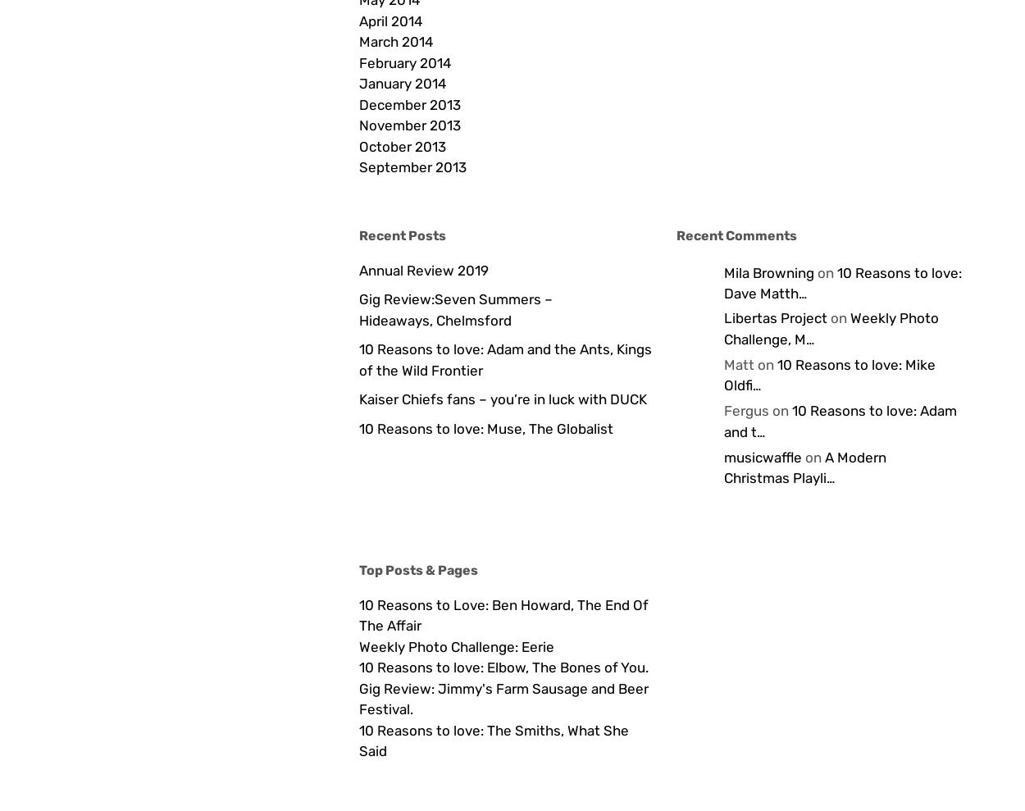 The height and width of the screenshot is (811, 1025). What do you see at coordinates (736, 235) in the screenshot?
I see `'Recent Comments'` at bounding box center [736, 235].